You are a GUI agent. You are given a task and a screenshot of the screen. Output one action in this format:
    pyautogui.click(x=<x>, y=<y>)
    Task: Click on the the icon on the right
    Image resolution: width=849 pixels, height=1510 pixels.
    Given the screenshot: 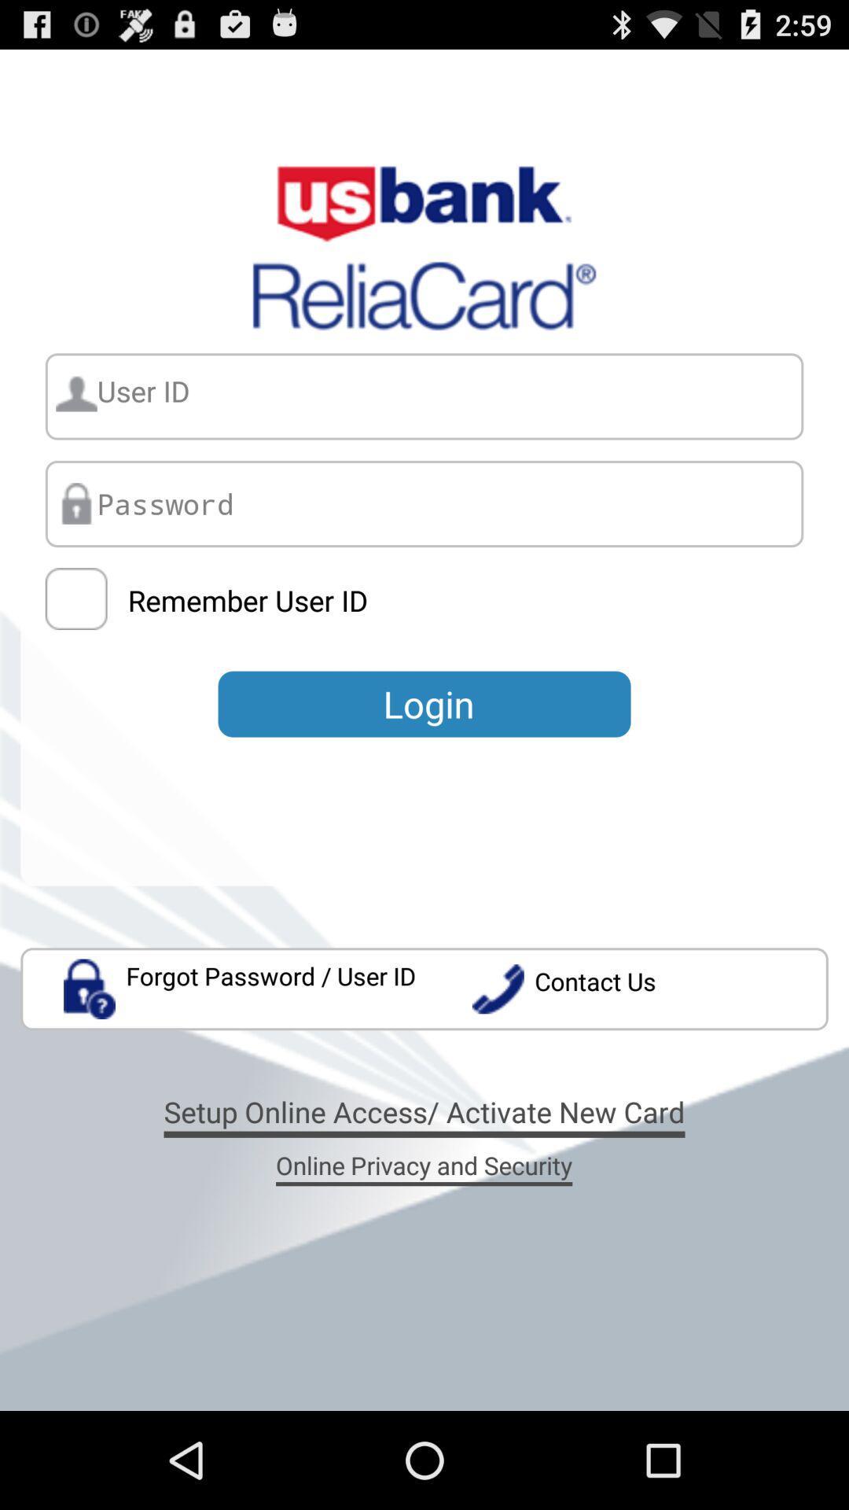 What is the action you would take?
    pyautogui.click(x=649, y=988)
    